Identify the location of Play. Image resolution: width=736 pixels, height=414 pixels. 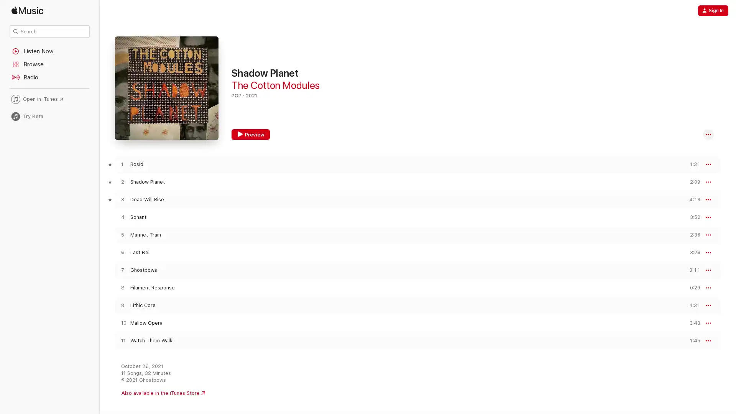
(122, 234).